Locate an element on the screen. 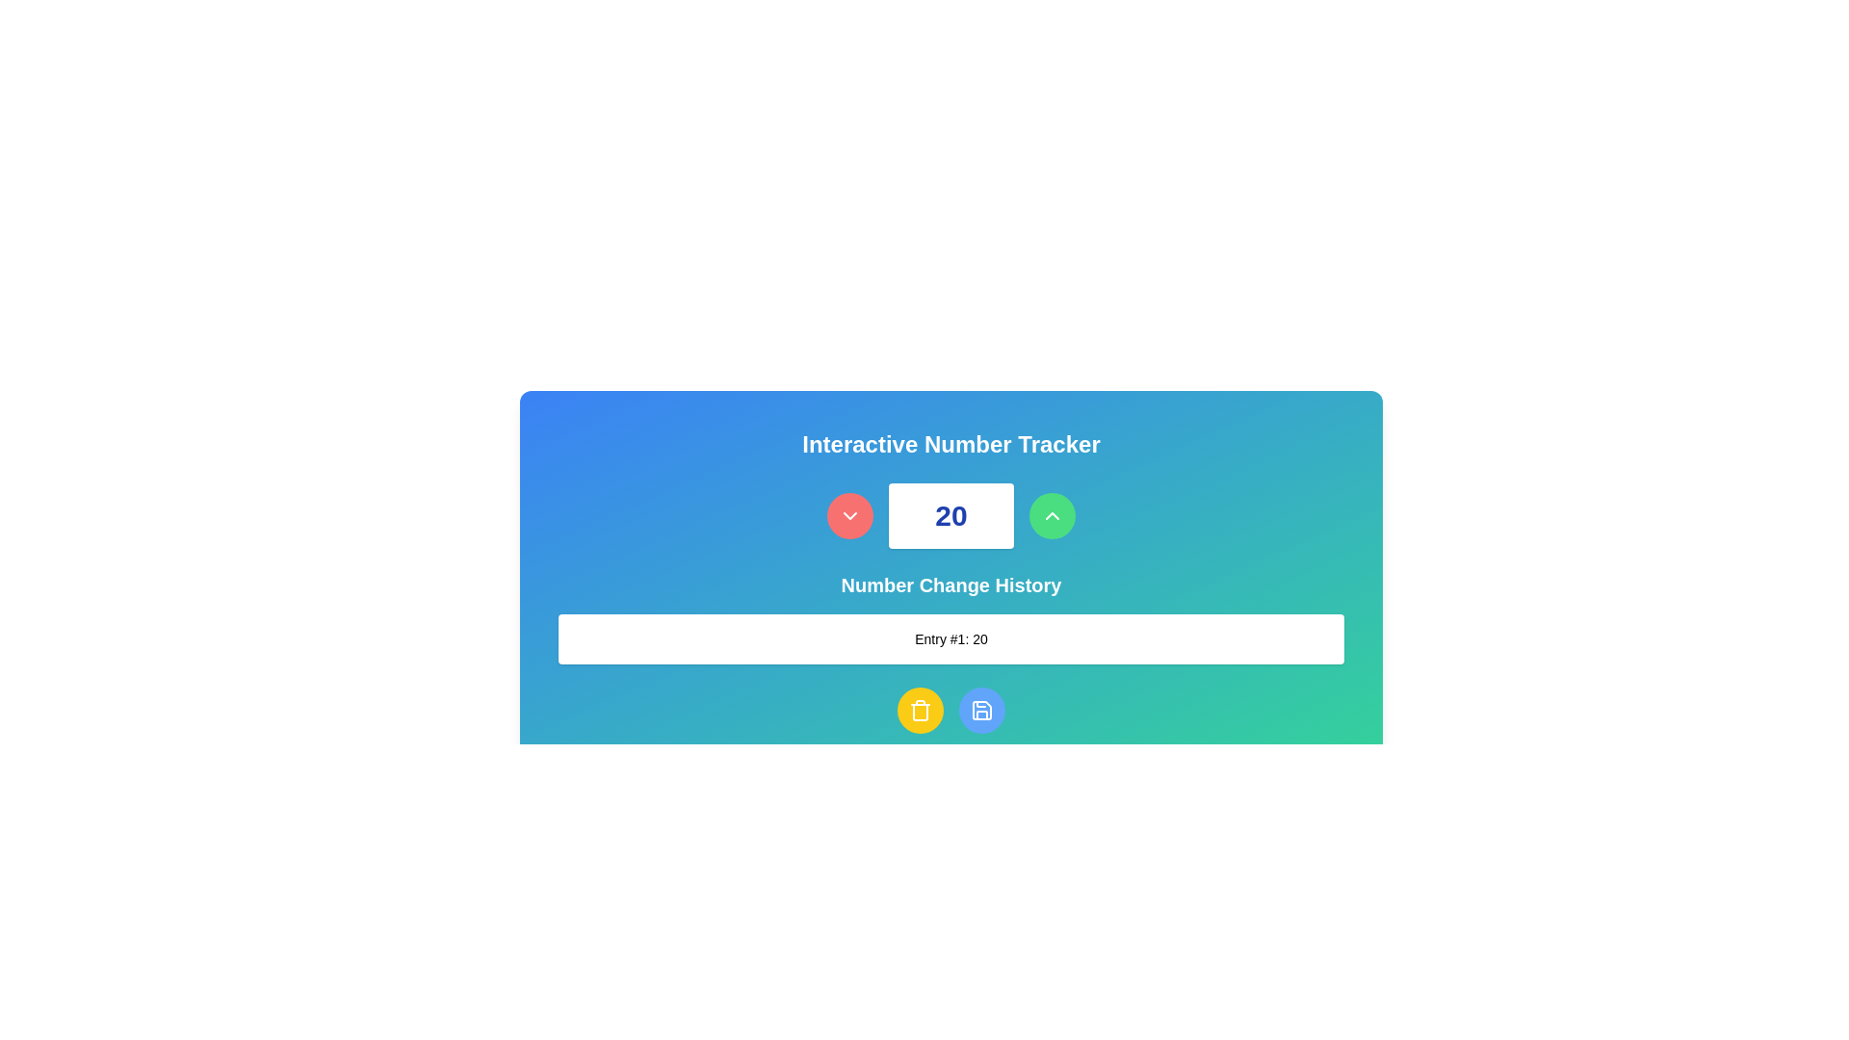 The image size is (1849, 1040). the text label at the top-center of the card that serves as the title and provides context for tracking numbers is located at coordinates (951, 445).